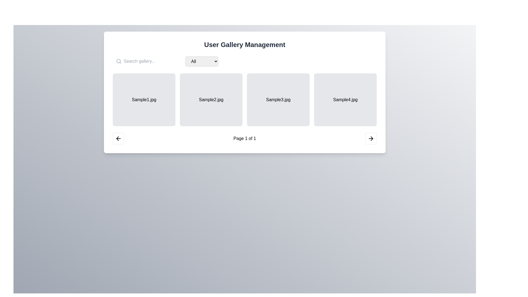 The image size is (528, 297). Describe the element at coordinates (371, 138) in the screenshot. I see `the pagination button with a right-pointing arrow icon located at the bottom-right corner of the layout` at that location.